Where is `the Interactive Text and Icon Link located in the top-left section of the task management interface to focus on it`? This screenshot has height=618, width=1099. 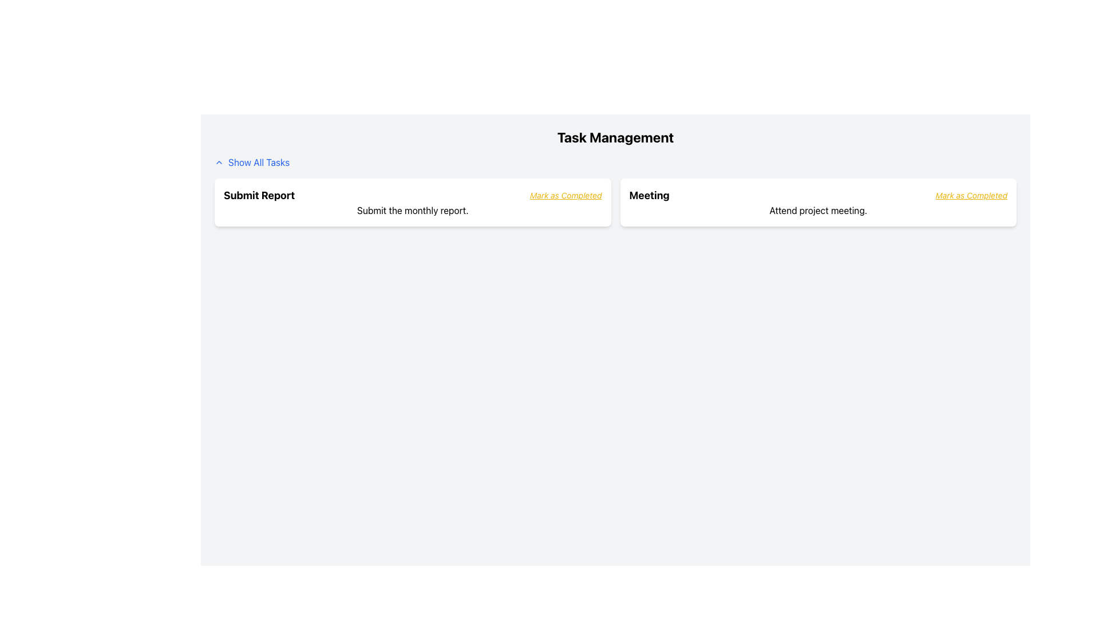 the Interactive Text and Icon Link located in the top-left section of the task management interface to focus on it is located at coordinates (251, 163).